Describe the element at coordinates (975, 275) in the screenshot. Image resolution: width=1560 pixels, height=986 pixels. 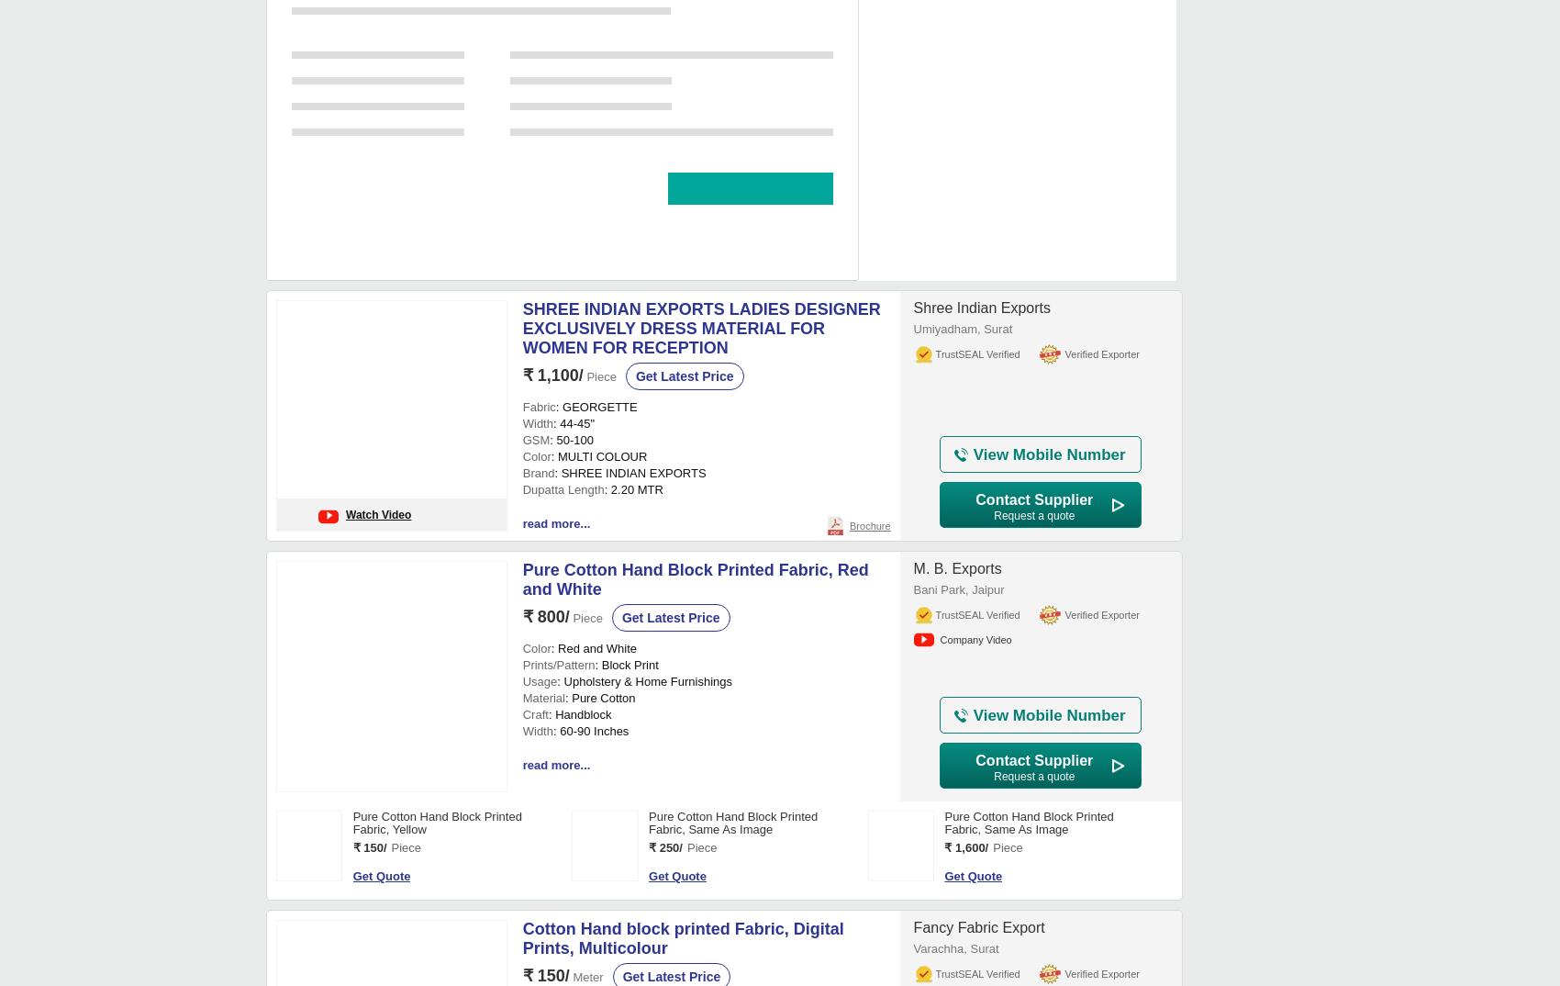
I see `'Company Video'` at that location.